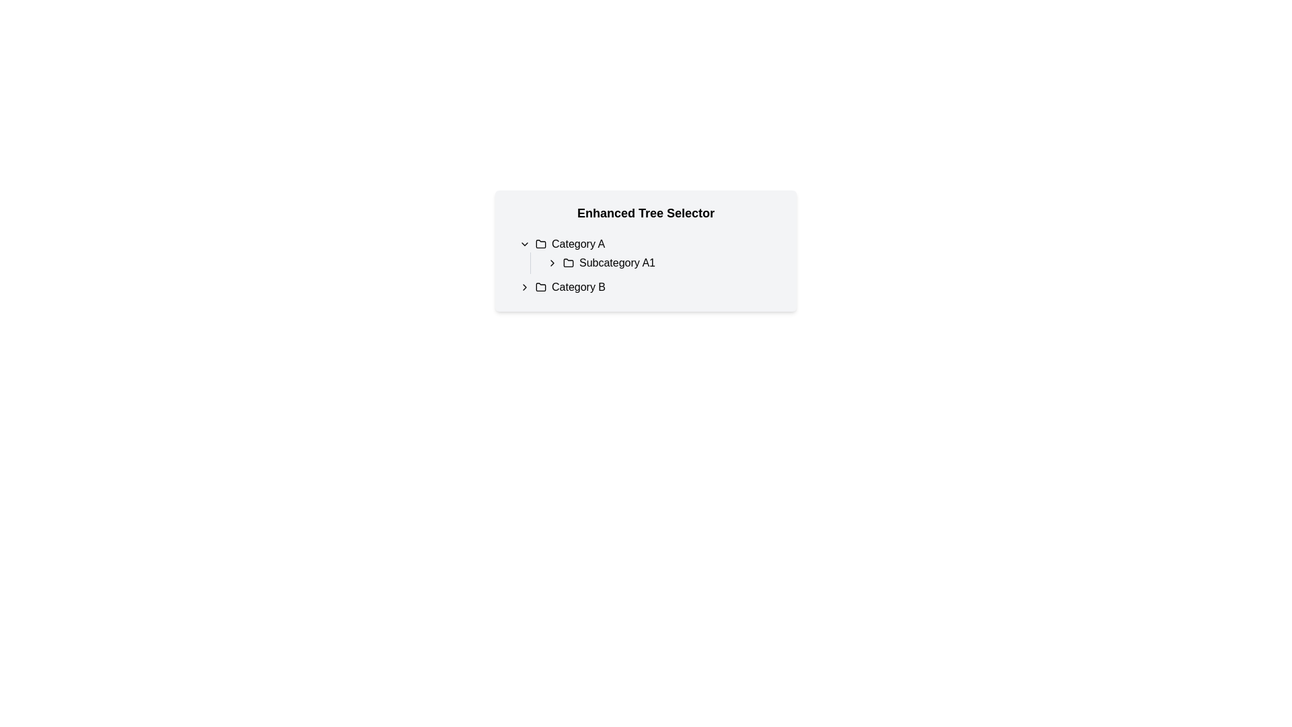  I want to click on the chevron-right icon button located at the leftmost side of the 'Subcategory A1' row, so click(552, 263).